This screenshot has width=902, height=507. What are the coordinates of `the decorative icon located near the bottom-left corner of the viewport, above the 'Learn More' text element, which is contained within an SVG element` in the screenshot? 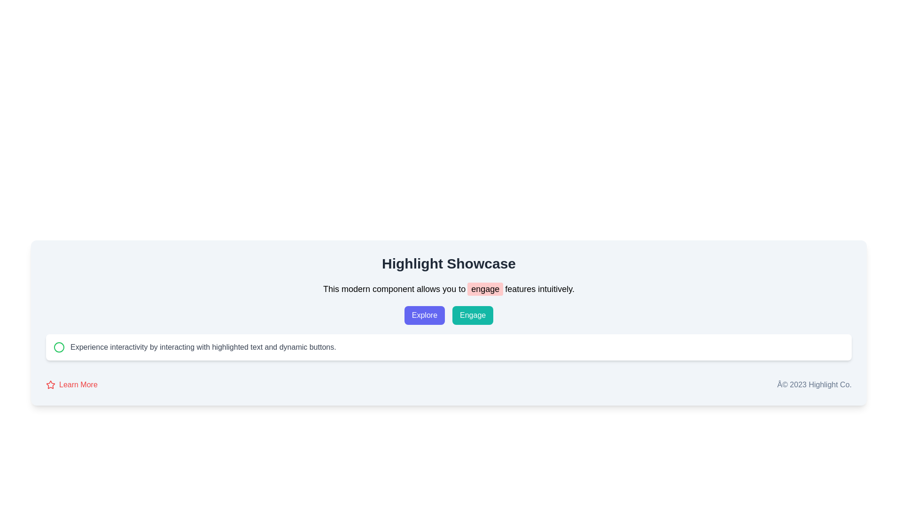 It's located at (50, 384).